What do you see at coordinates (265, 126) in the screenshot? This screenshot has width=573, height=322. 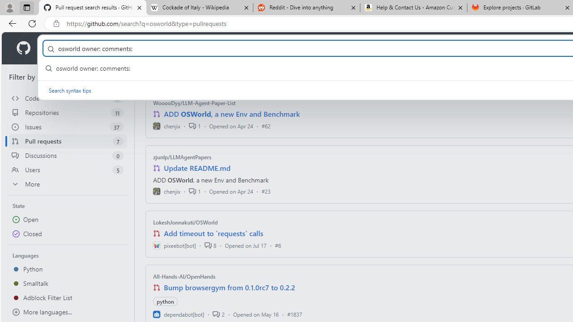 I see `'#62'` at bounding box center [265, 126].